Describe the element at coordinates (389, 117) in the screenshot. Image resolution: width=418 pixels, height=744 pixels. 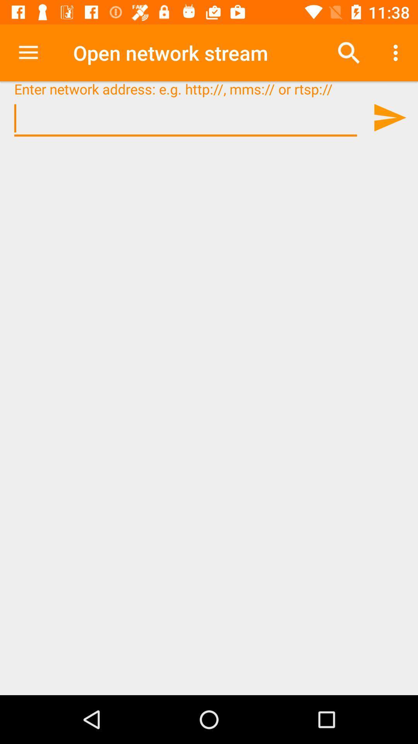
I see `website` at that location.